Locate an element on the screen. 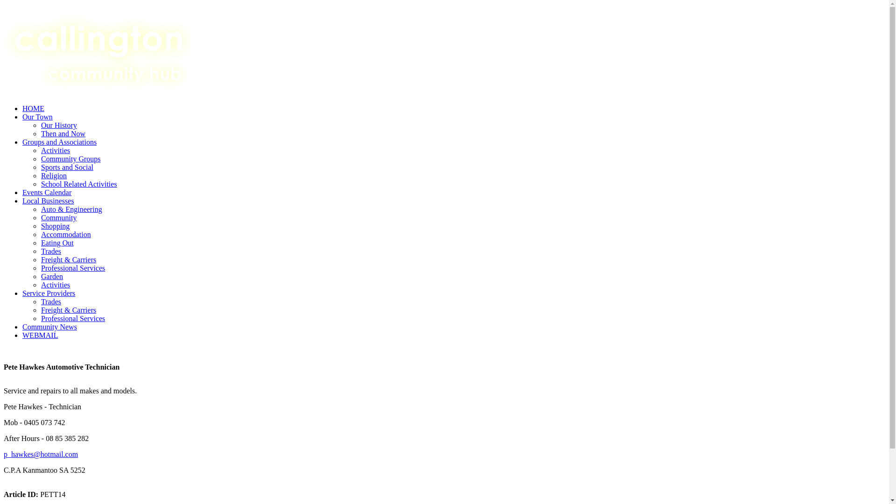 This screenshot has width=896, height=504. 'WEBMAIL' is located at coordinates (40, 335).